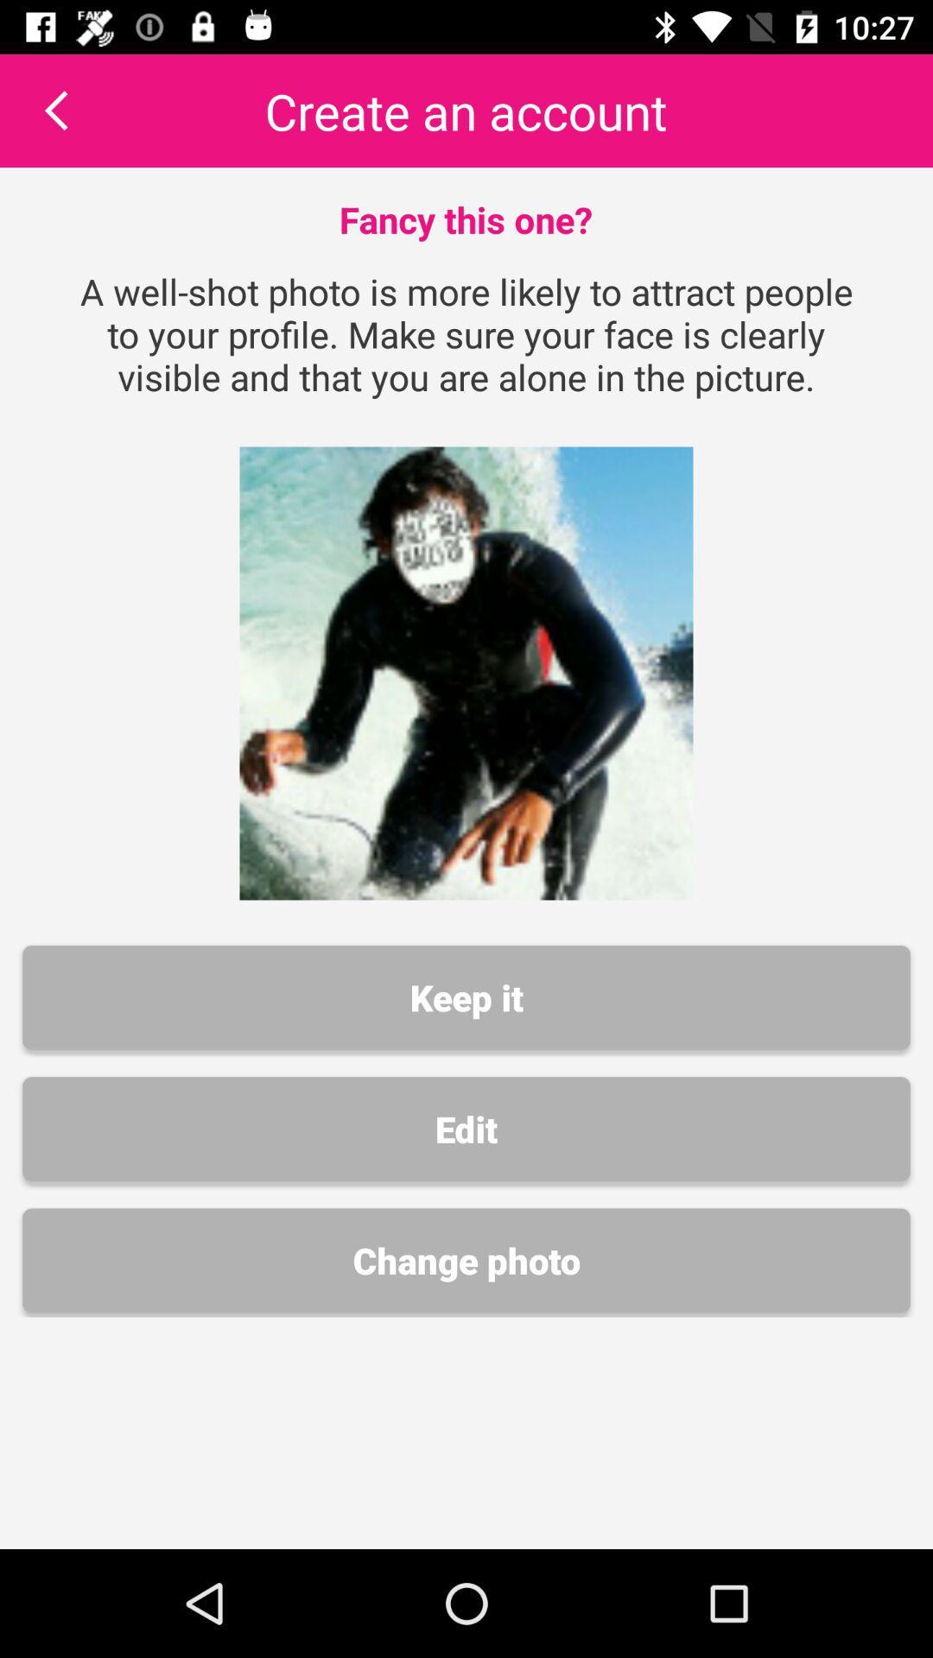  What do you see at coordinates (466, 997) in the screenshot?
I see `item above the edit button` at bounding box center [466, 997].